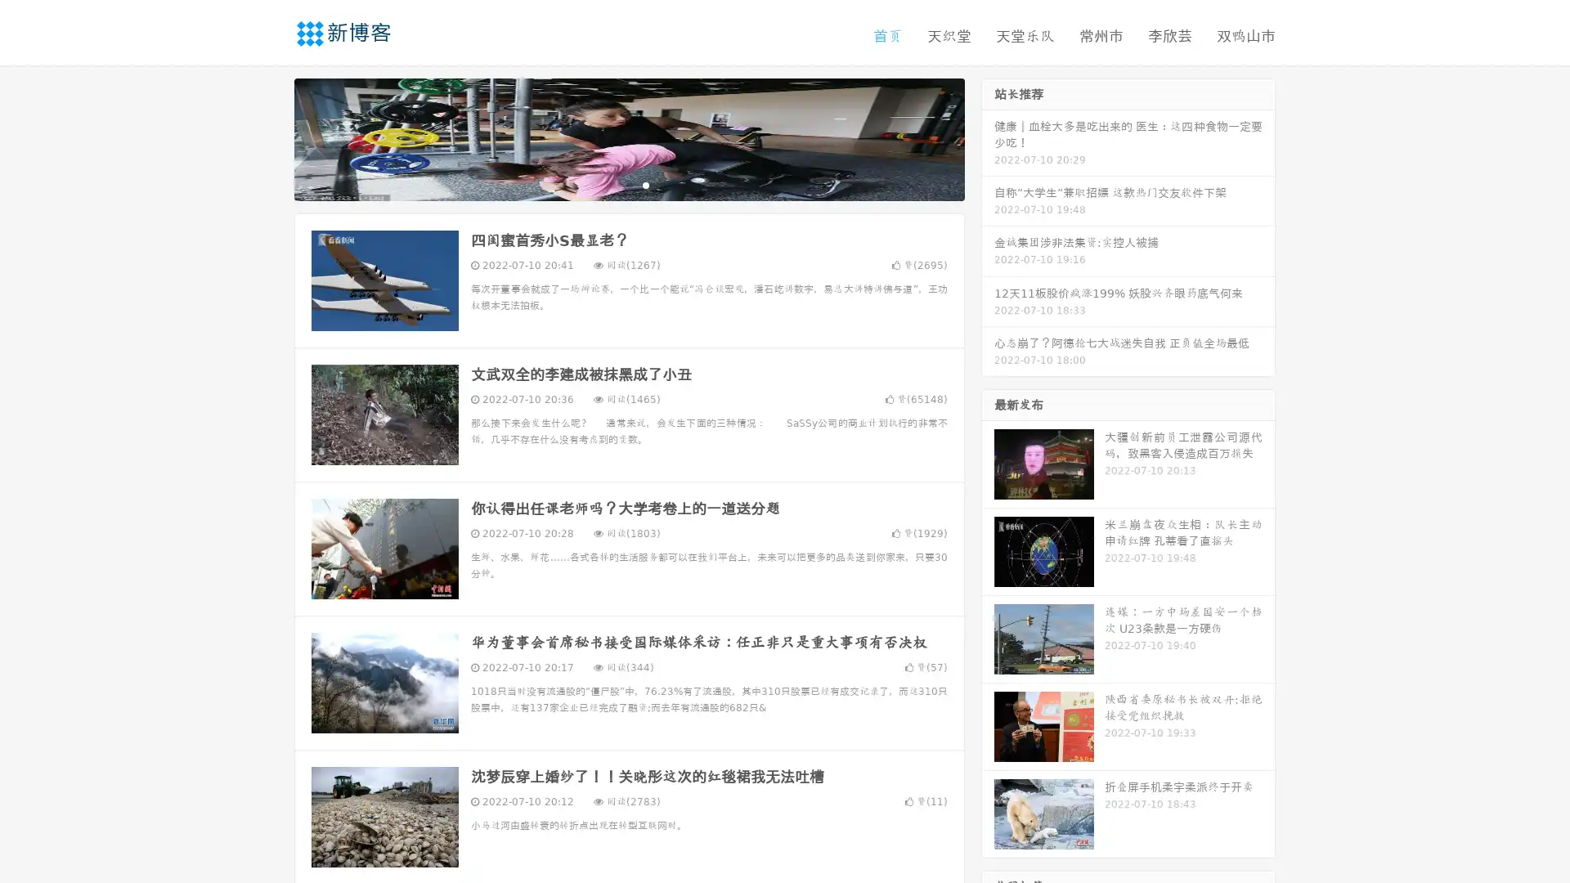 The height and width of the screenshot is (883, 1570). Describe the element at coordinates (612, 184) in the screenshot. I see `Go to slide 1` at that location.